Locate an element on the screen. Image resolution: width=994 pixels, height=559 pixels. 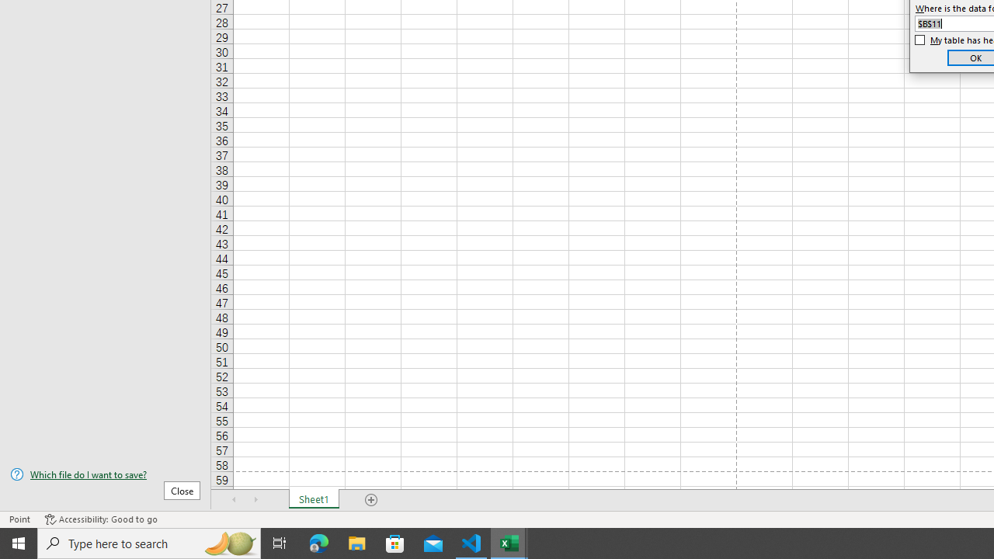
'Type here to search' is located at coordinates (149, 542).